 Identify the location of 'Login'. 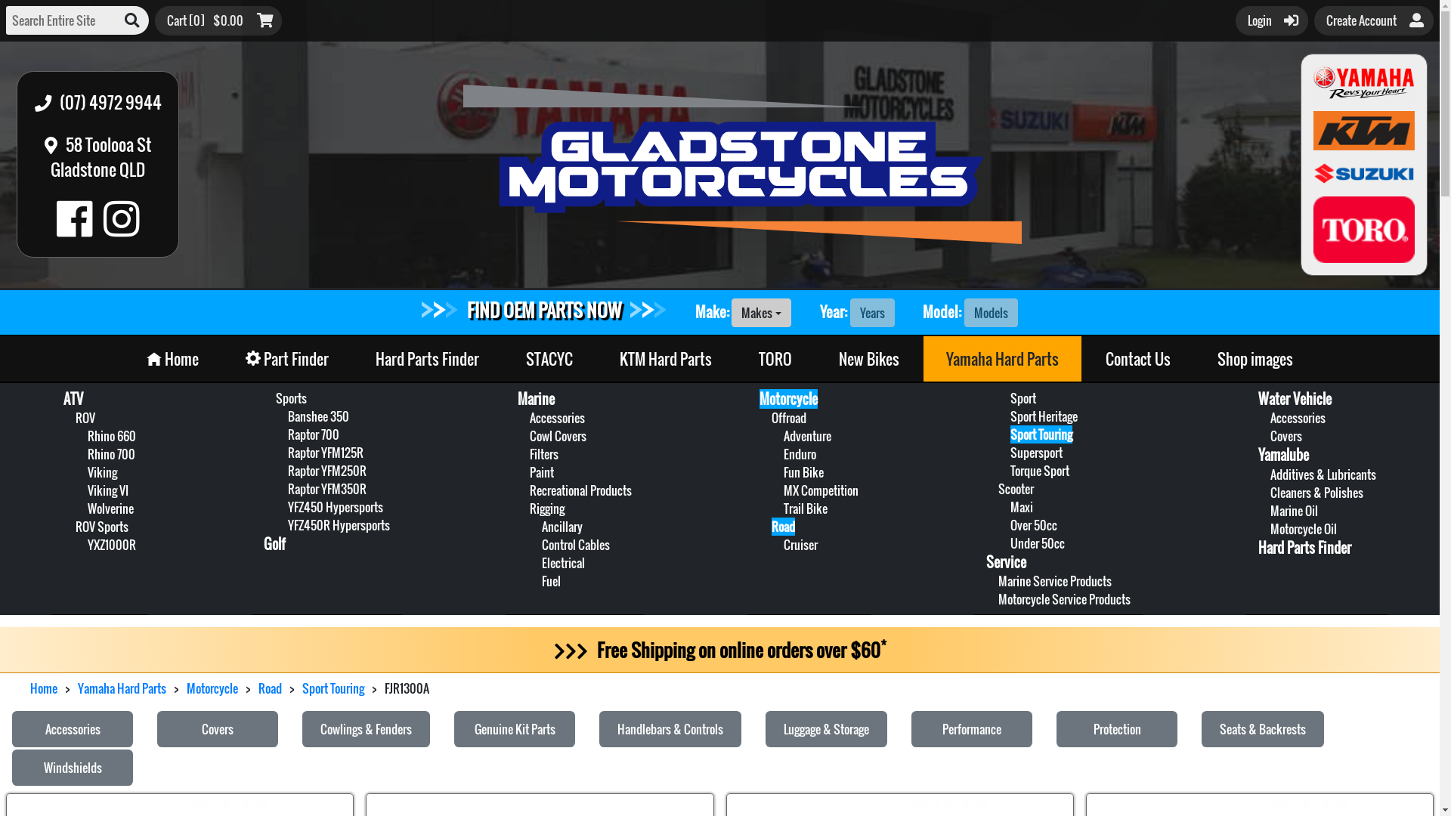
(1271, 20).